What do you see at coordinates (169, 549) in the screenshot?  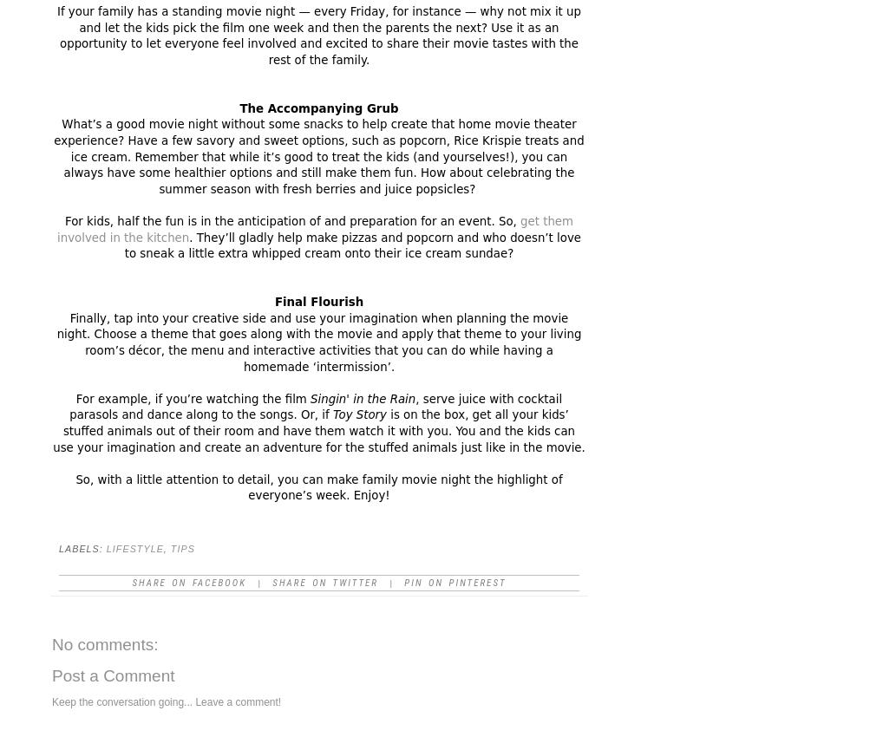 I see `'tips'` at bounding box center [169, 549].